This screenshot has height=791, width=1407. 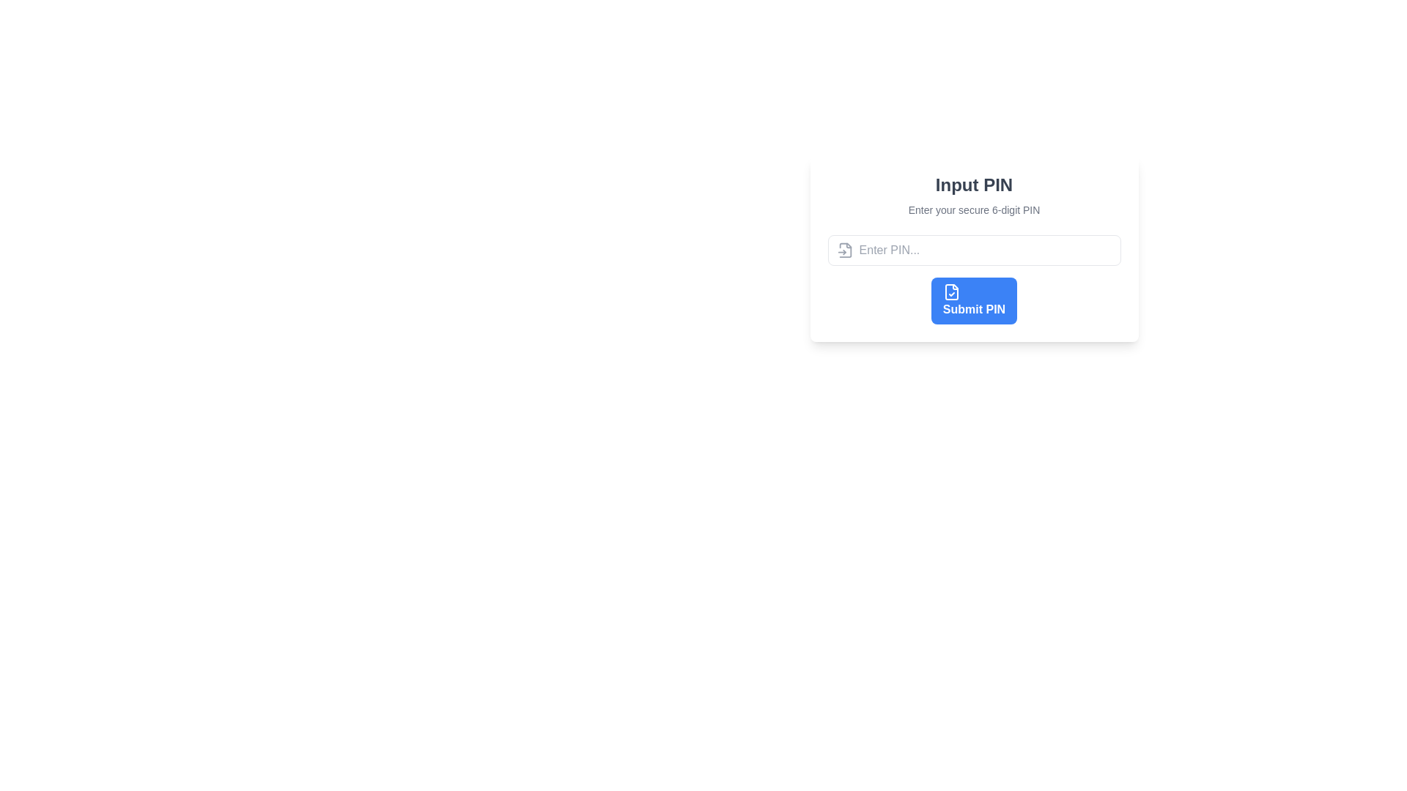 I want to click on the blue document icon with a checkmark located to the left of the 'Submit PIN' text on the button, so click(x=951, y=291).